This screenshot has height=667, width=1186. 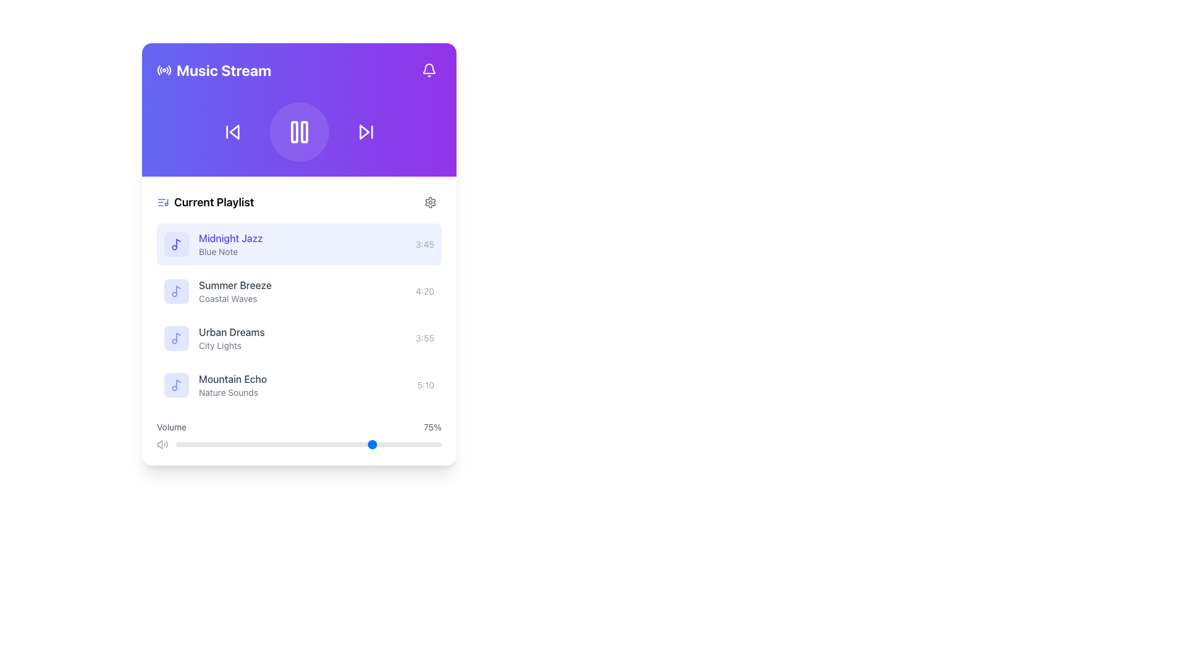 I want to click on the icon representing the music track 'Summer Breeze' located to the left of the list entry with the subtitle 'Coastal Waves' and duration '4:20', so click(x=176, y=291).